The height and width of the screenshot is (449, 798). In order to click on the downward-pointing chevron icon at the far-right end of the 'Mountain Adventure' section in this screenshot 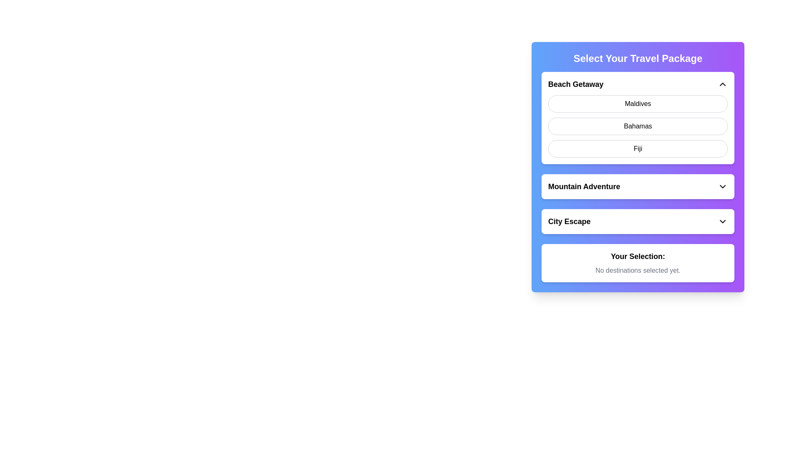, I will do `click(722, 186)`.